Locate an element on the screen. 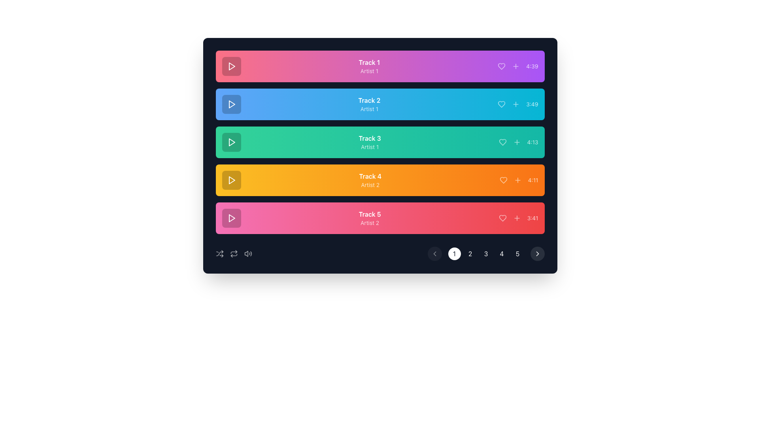 This screenshot has height=427, width=759. the triangular play icon located inside the rectangular button in the leftmost portion of the fifth track of the playlist interface is located at coordinates (231, 218).